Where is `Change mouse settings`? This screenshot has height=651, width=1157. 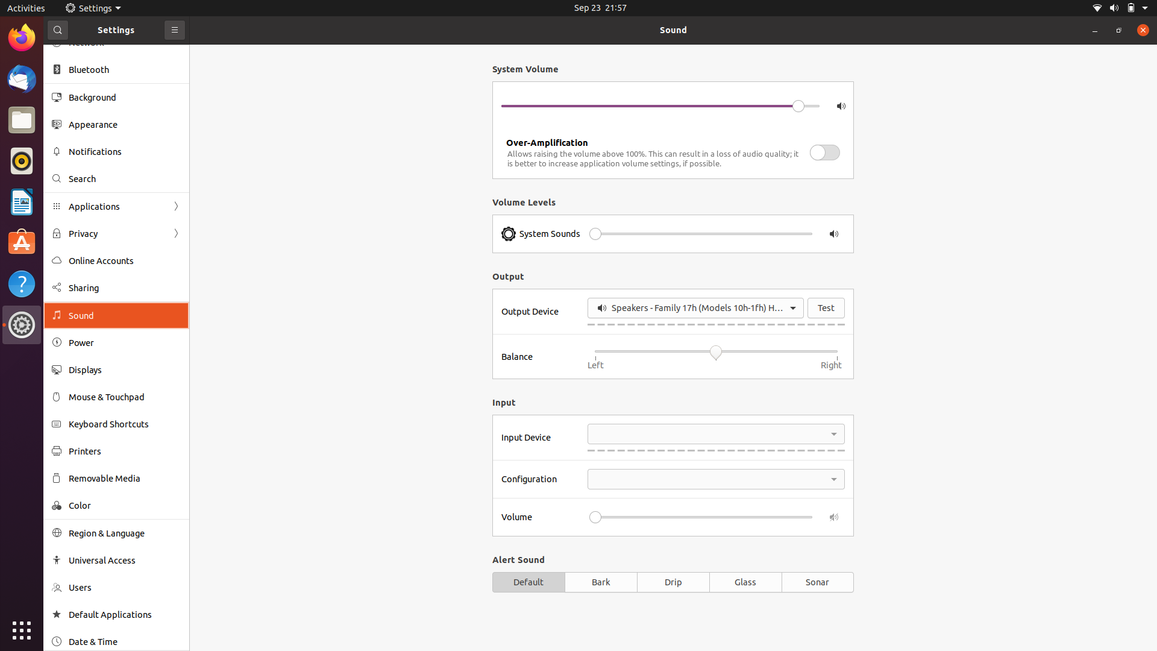 Change mouse settings is located at coordinates (114, 397).